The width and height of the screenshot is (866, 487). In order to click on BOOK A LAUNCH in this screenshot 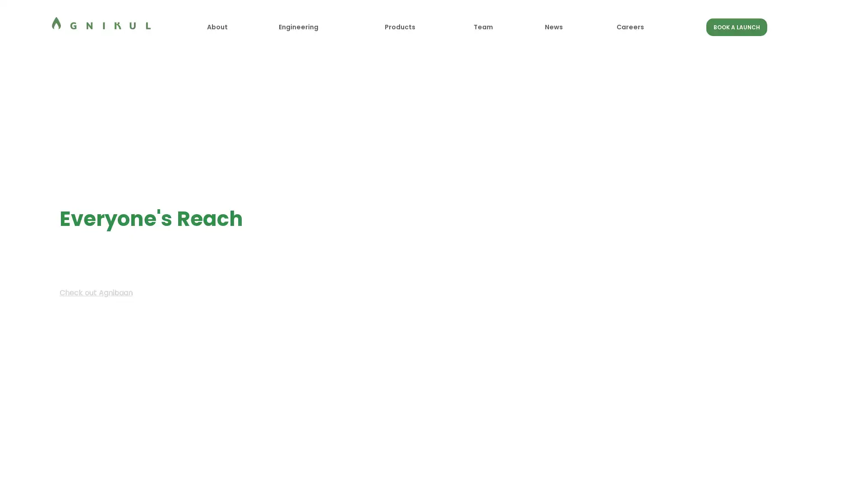, I will do `click(736, 27)`.